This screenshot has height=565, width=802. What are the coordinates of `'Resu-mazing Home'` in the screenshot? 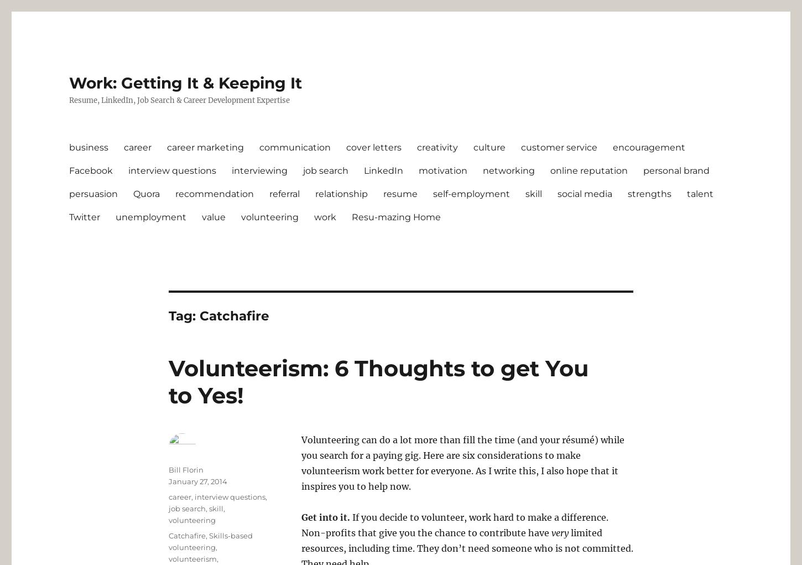 It's located at (395, 216).